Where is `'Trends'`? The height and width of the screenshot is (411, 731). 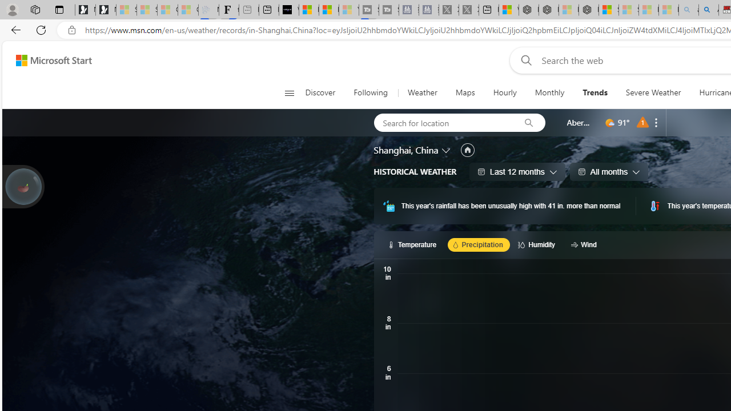
'Trends' is located at coordinates (594, 92).